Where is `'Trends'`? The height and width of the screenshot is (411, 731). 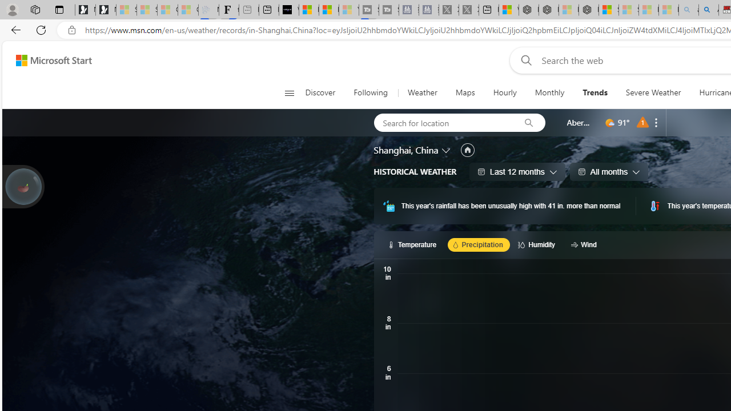
'Trends' is located at coordinates (594, 92).